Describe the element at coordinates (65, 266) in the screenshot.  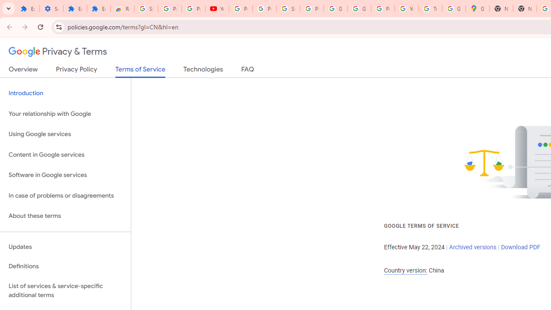
I see `'Definitions'` at that location.